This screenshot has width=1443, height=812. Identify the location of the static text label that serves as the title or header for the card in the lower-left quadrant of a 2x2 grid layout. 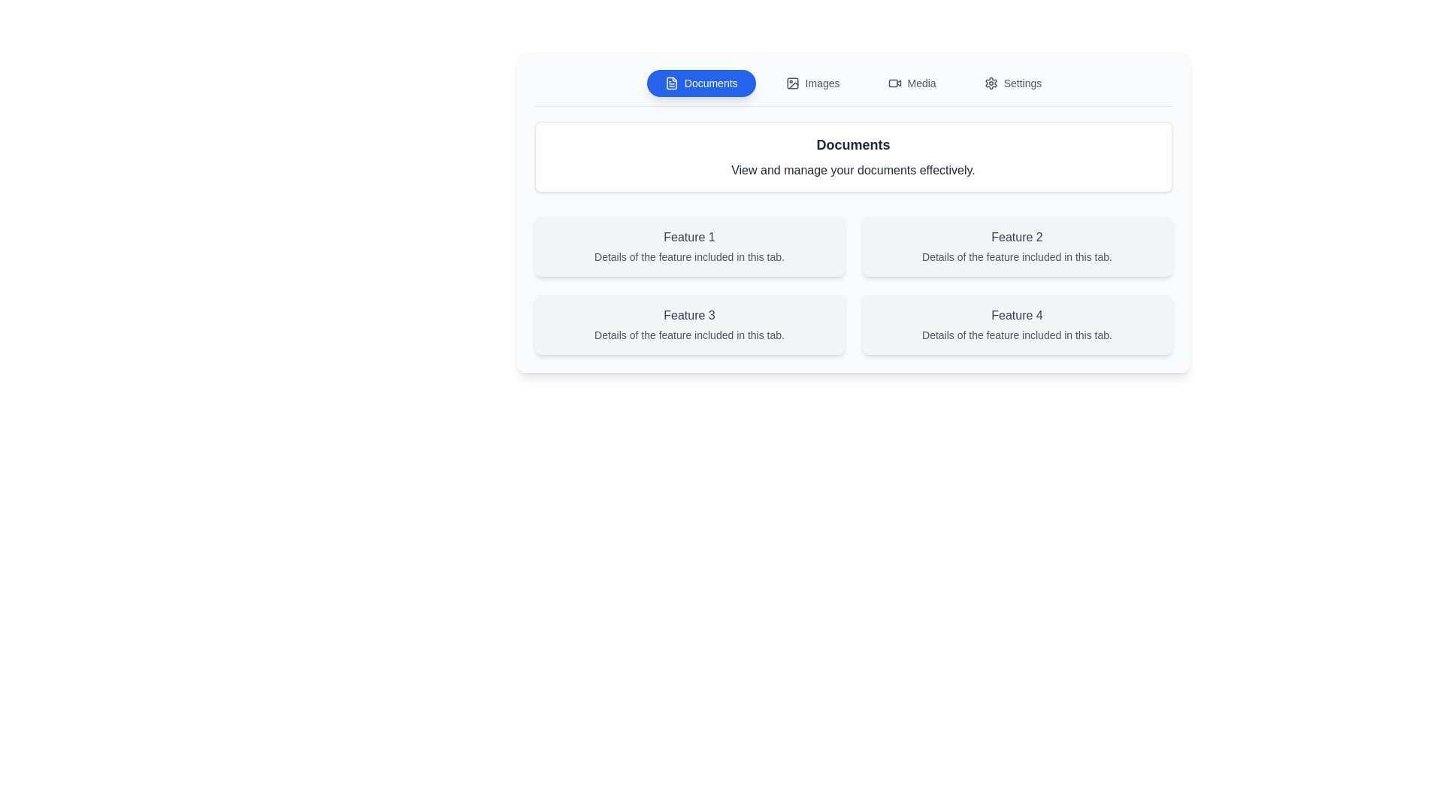
(688, 315).